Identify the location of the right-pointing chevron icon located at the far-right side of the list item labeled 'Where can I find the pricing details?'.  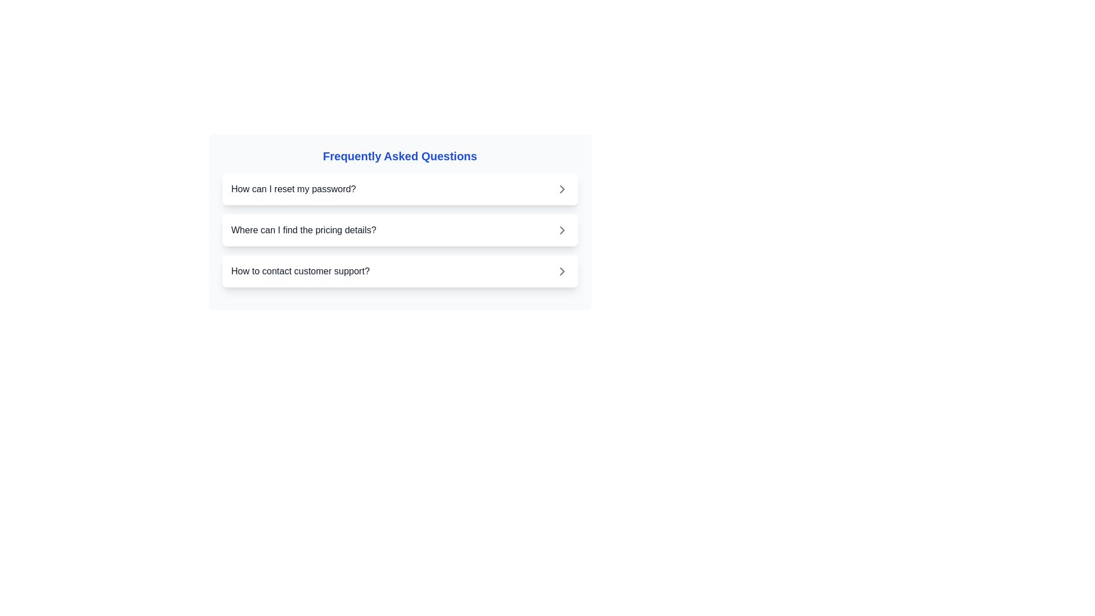
(562, 230).